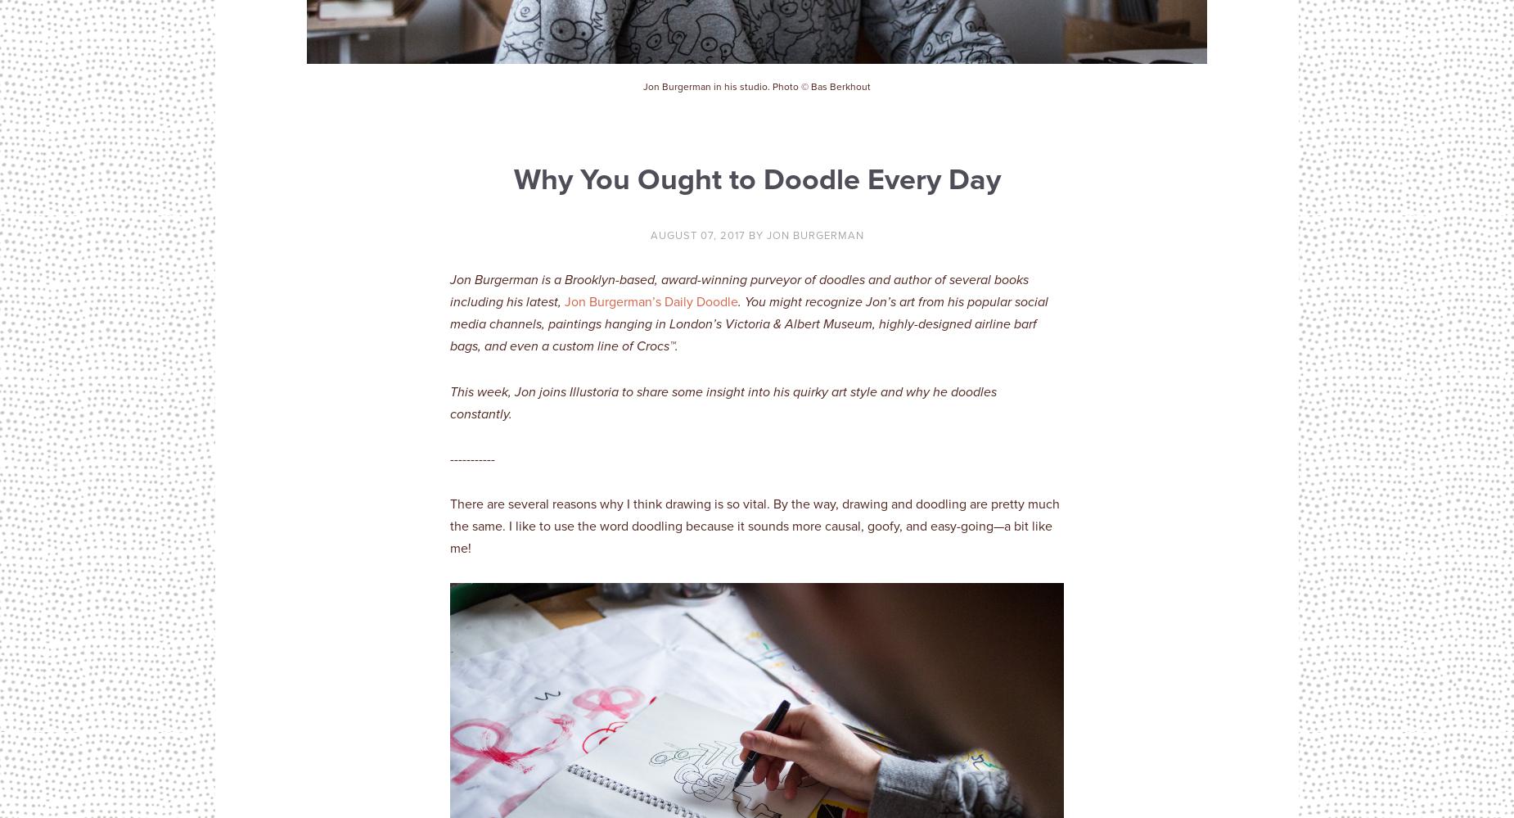  I want to click on 'Jon Burgerman is a Brooklyn-based, award-winning purveyor of doodles and author of several books including his latest,', so click(739, 290).